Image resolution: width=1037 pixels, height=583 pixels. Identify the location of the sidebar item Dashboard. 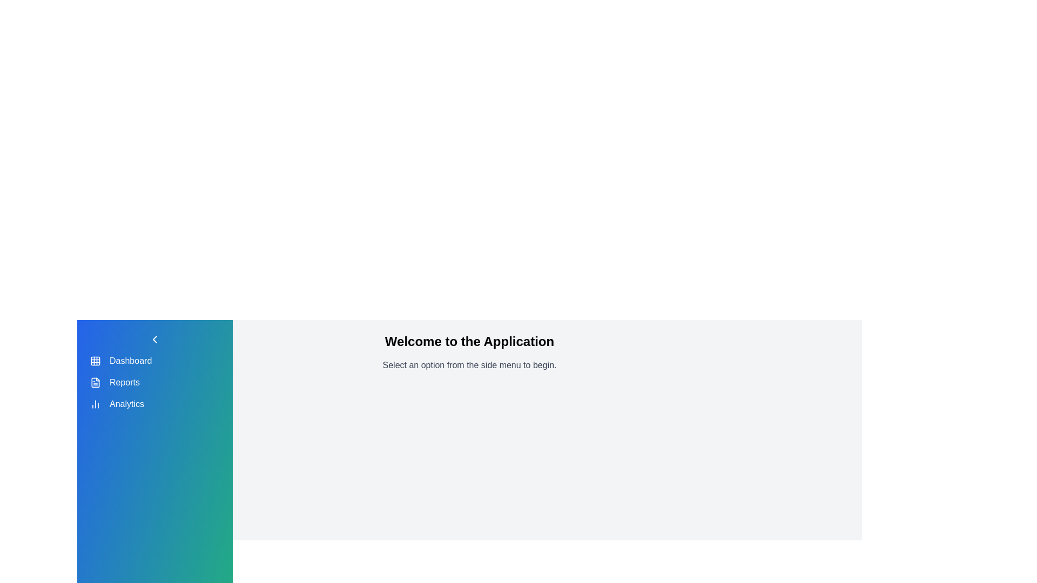
(96, 361).